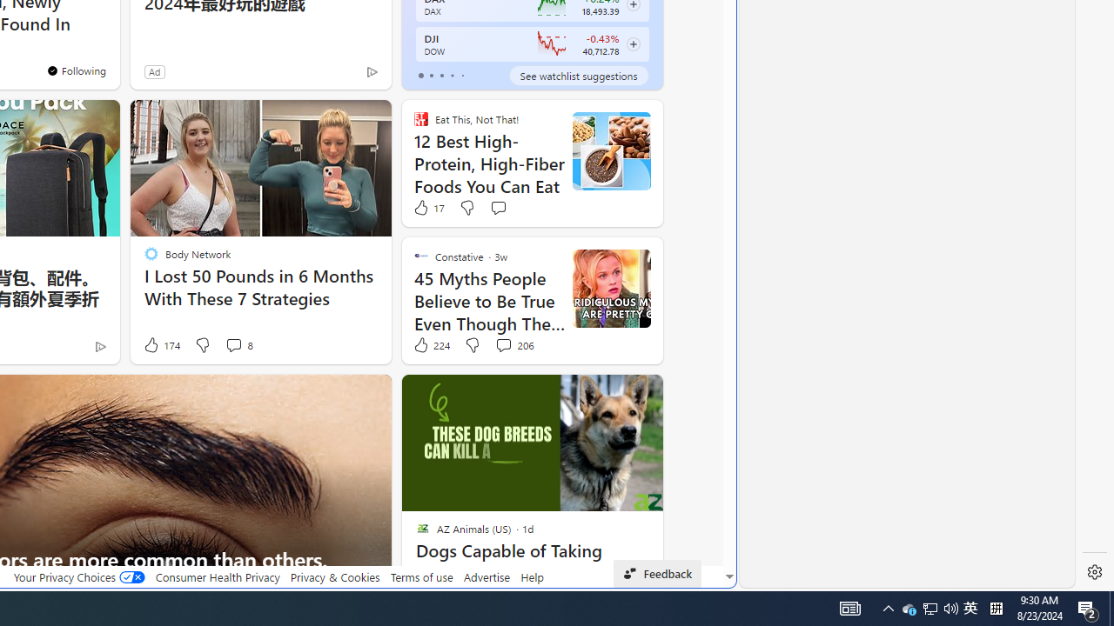 Image resolution: width=1114 pixels, height=626 pixels. Describe the element at coordinates (513, 345) in the screenshot. I see `'View comments 206 Comment'` at that location.